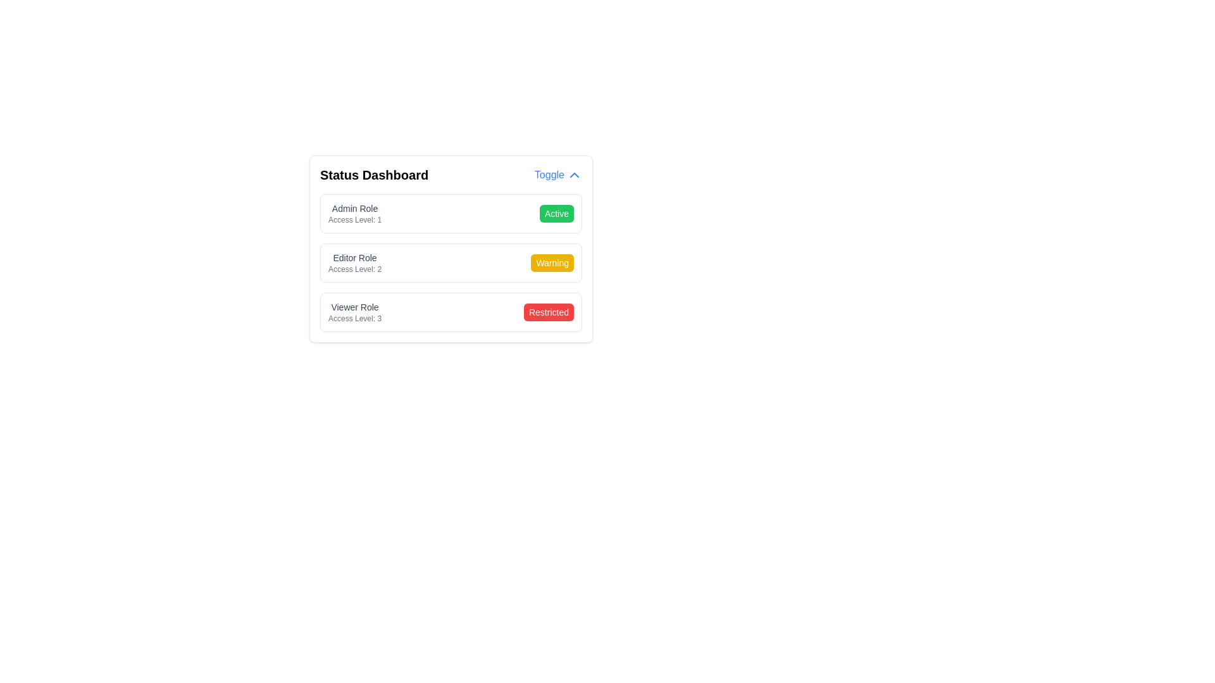  What do you see at coordinates (354, 262) in the screenshot?
I see `the static text label displaying 'Editor Role' and 'Access Level: 2', which is centrally aligned in the 'Status Dashboard' list` at bounding box center [354, 262].